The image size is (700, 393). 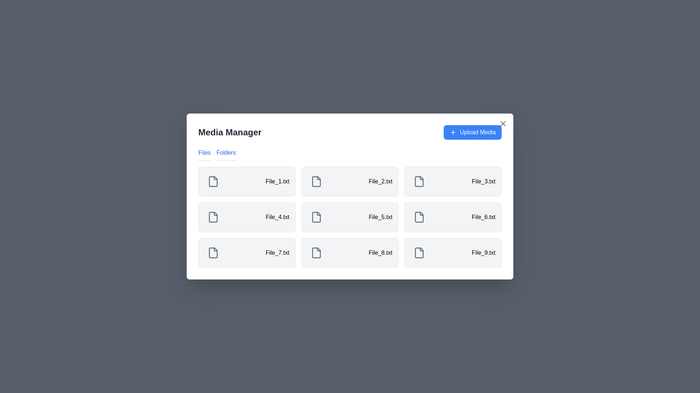 What do you see at coordinates (213, 217) in the screenshot?
I see `the Decorative SVG component representing a file icon located in the second row and first column of the grid in the 'Media Manager' interface` at bounding box center [213, 217].